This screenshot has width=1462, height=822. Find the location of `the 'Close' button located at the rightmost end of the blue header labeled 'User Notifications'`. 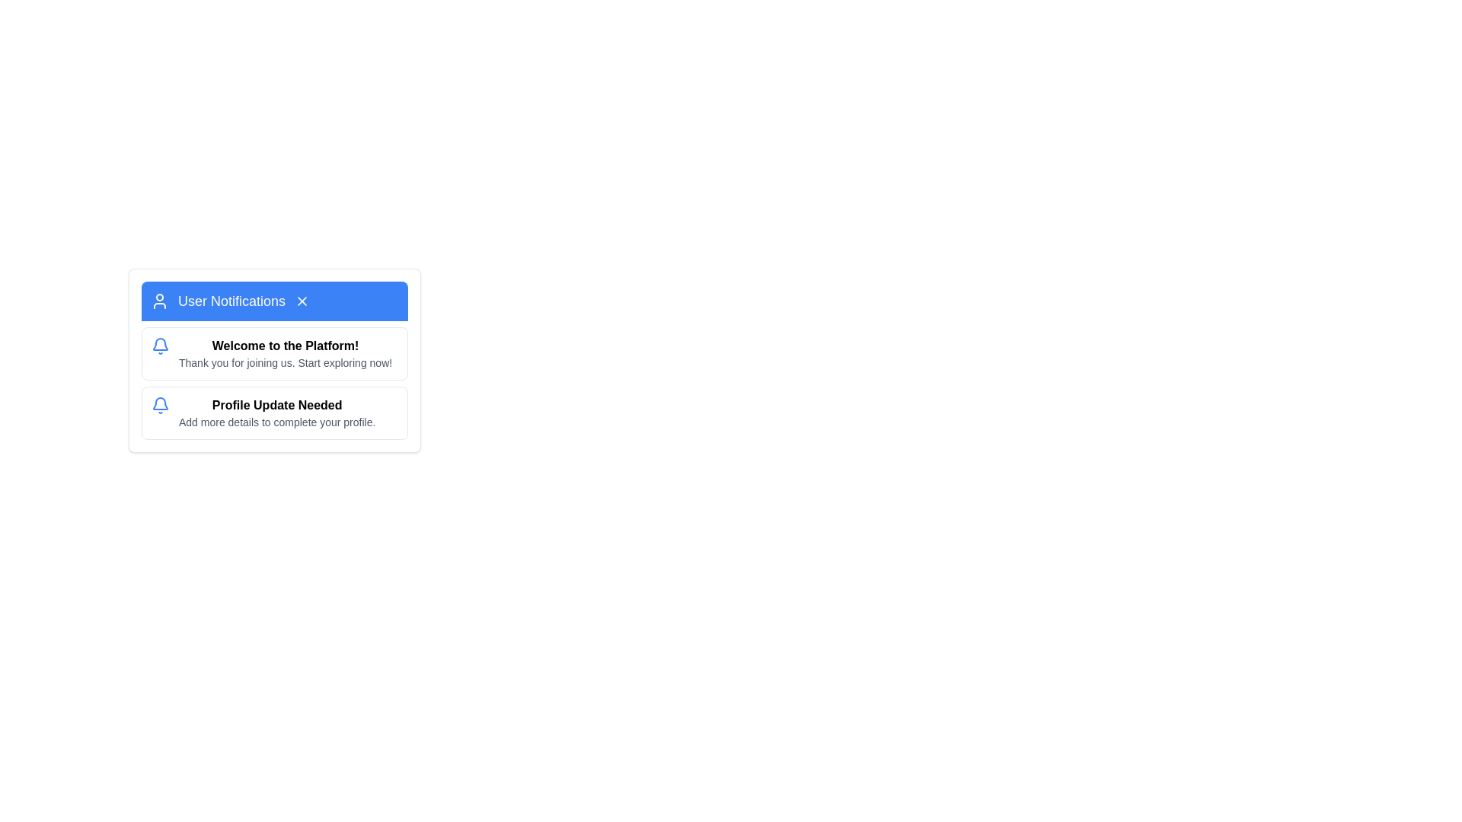

the 'Close' button located at the rightmost end of the blue header labeled 'User Notifications' is located at coordinates (302, 301).